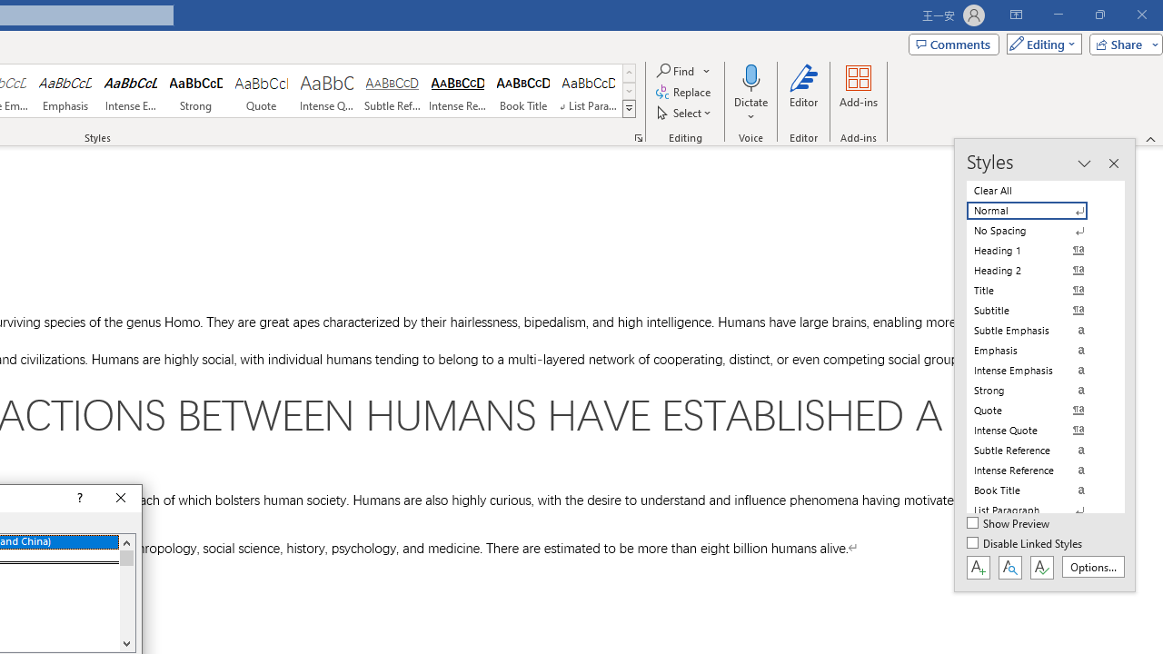 This screenshot has height=654, width=1163. What do you see at coordinates (1038, 210) in the screenshot?
I see `'Normal'` at bounding box center [1038, 210].